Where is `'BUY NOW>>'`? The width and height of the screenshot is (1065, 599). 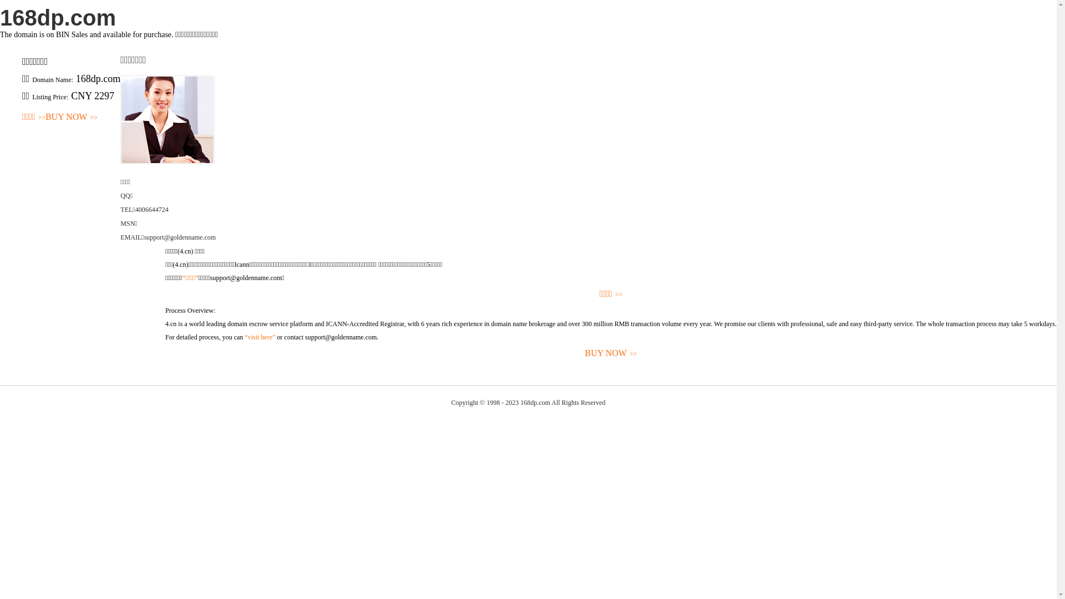 'BUY NOW>>' is located at coordinates (164, 353).